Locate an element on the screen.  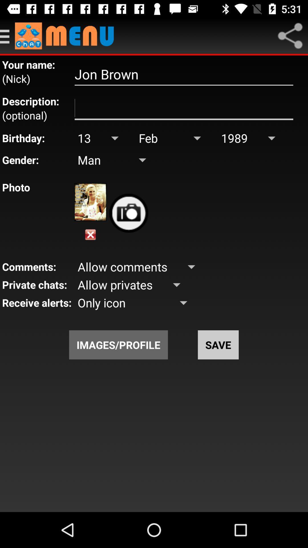
menu is located at coordinates (67, 35).